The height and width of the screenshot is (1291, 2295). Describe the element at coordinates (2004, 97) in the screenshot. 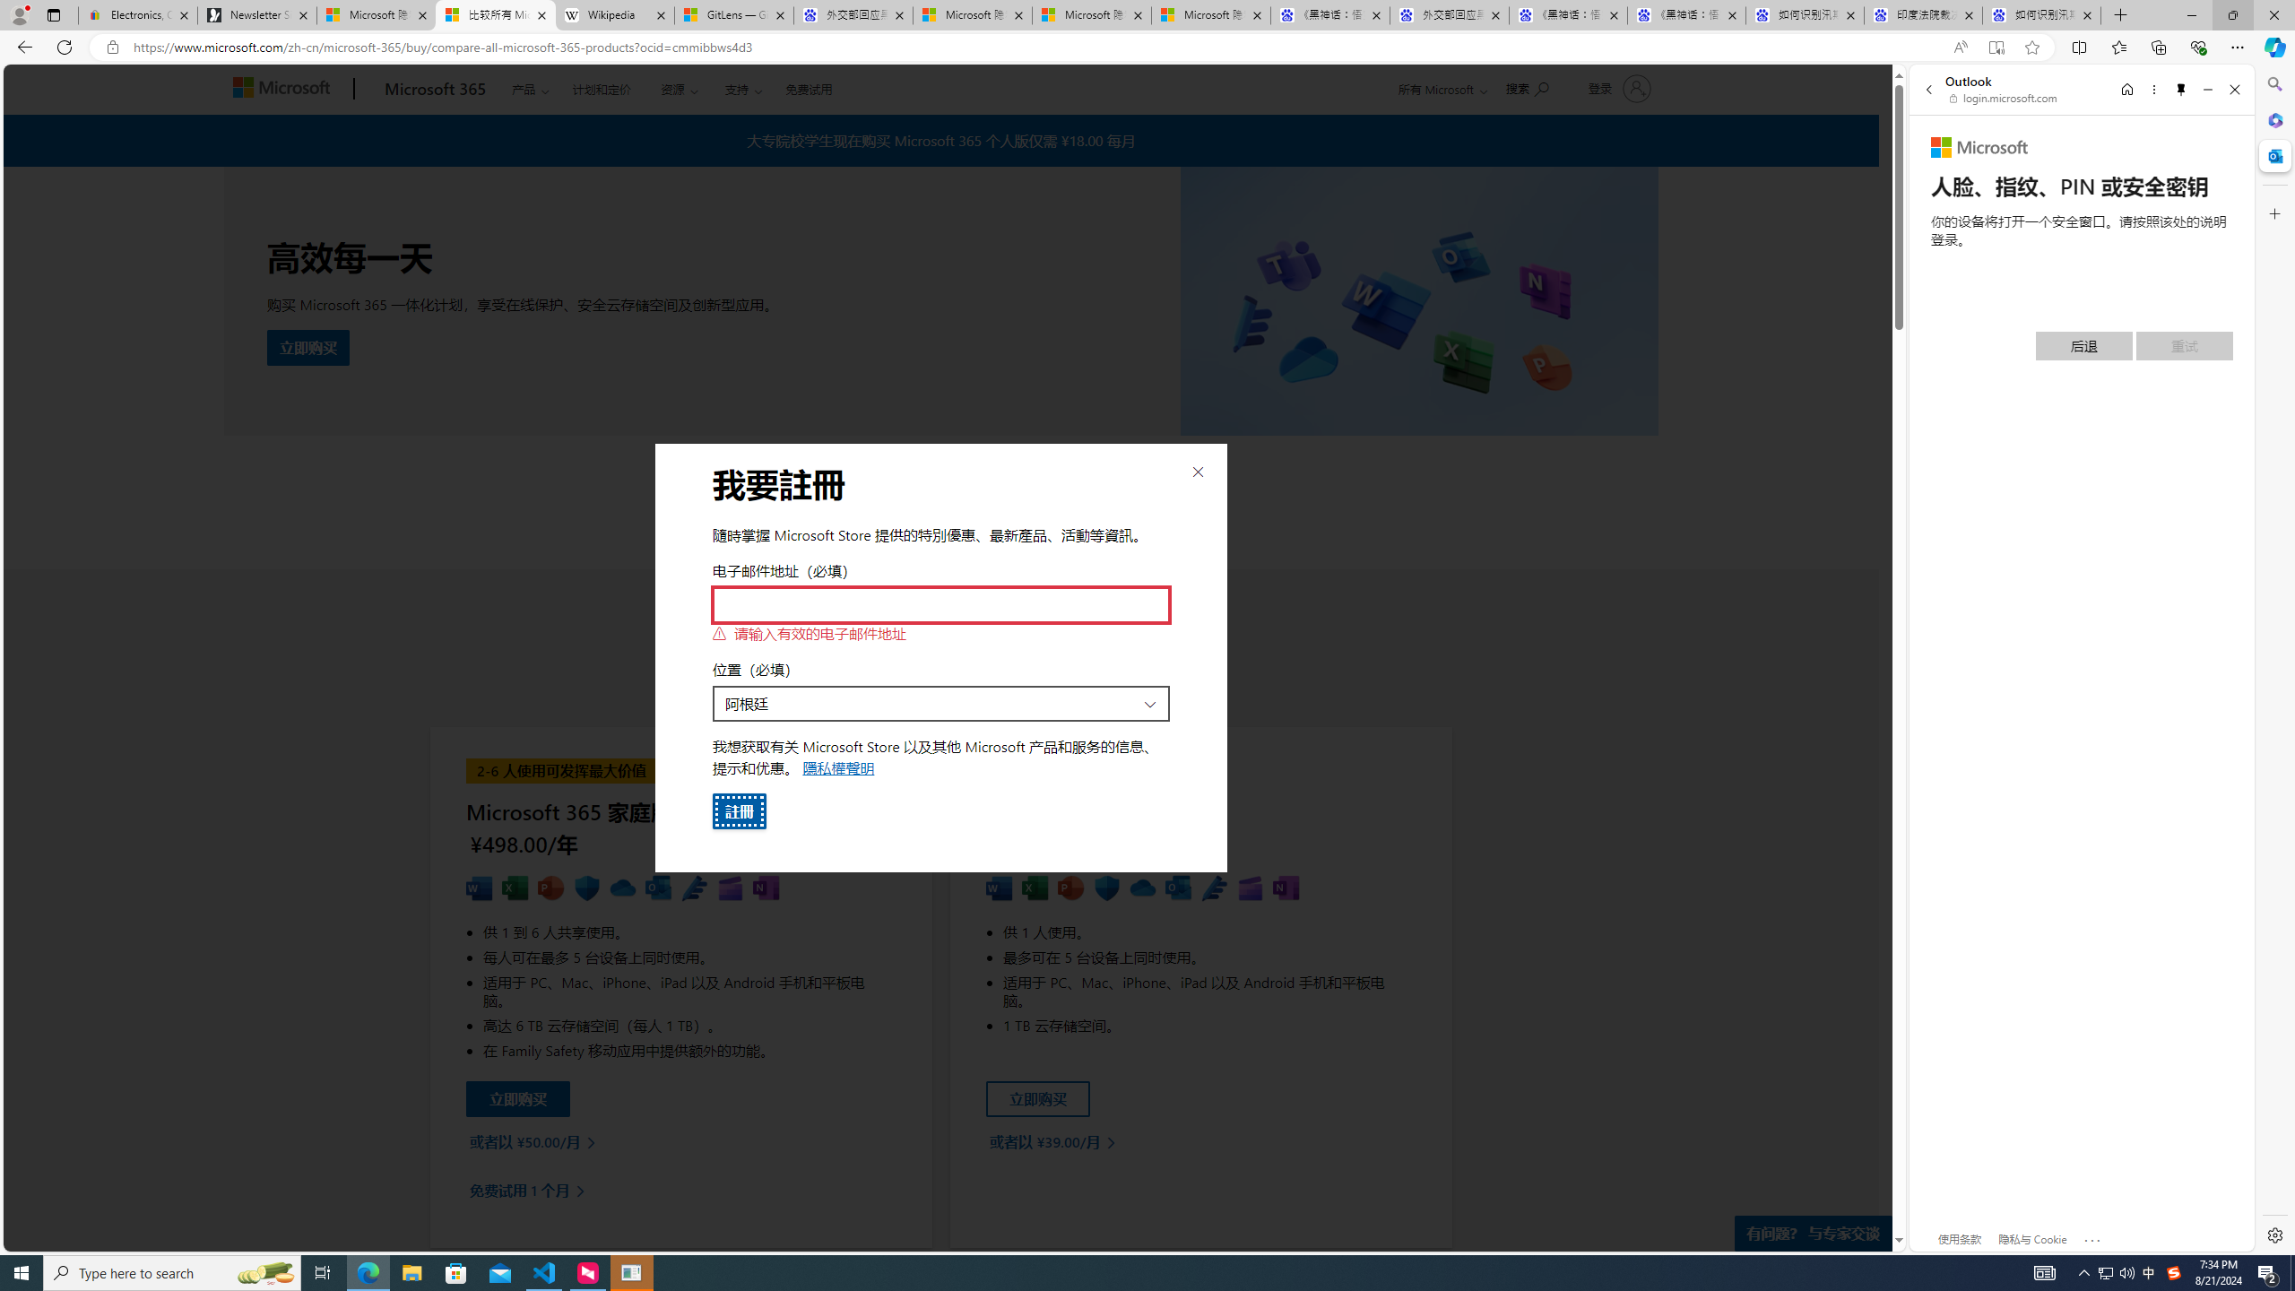

I see `'login.microsoft.com'` at that location.